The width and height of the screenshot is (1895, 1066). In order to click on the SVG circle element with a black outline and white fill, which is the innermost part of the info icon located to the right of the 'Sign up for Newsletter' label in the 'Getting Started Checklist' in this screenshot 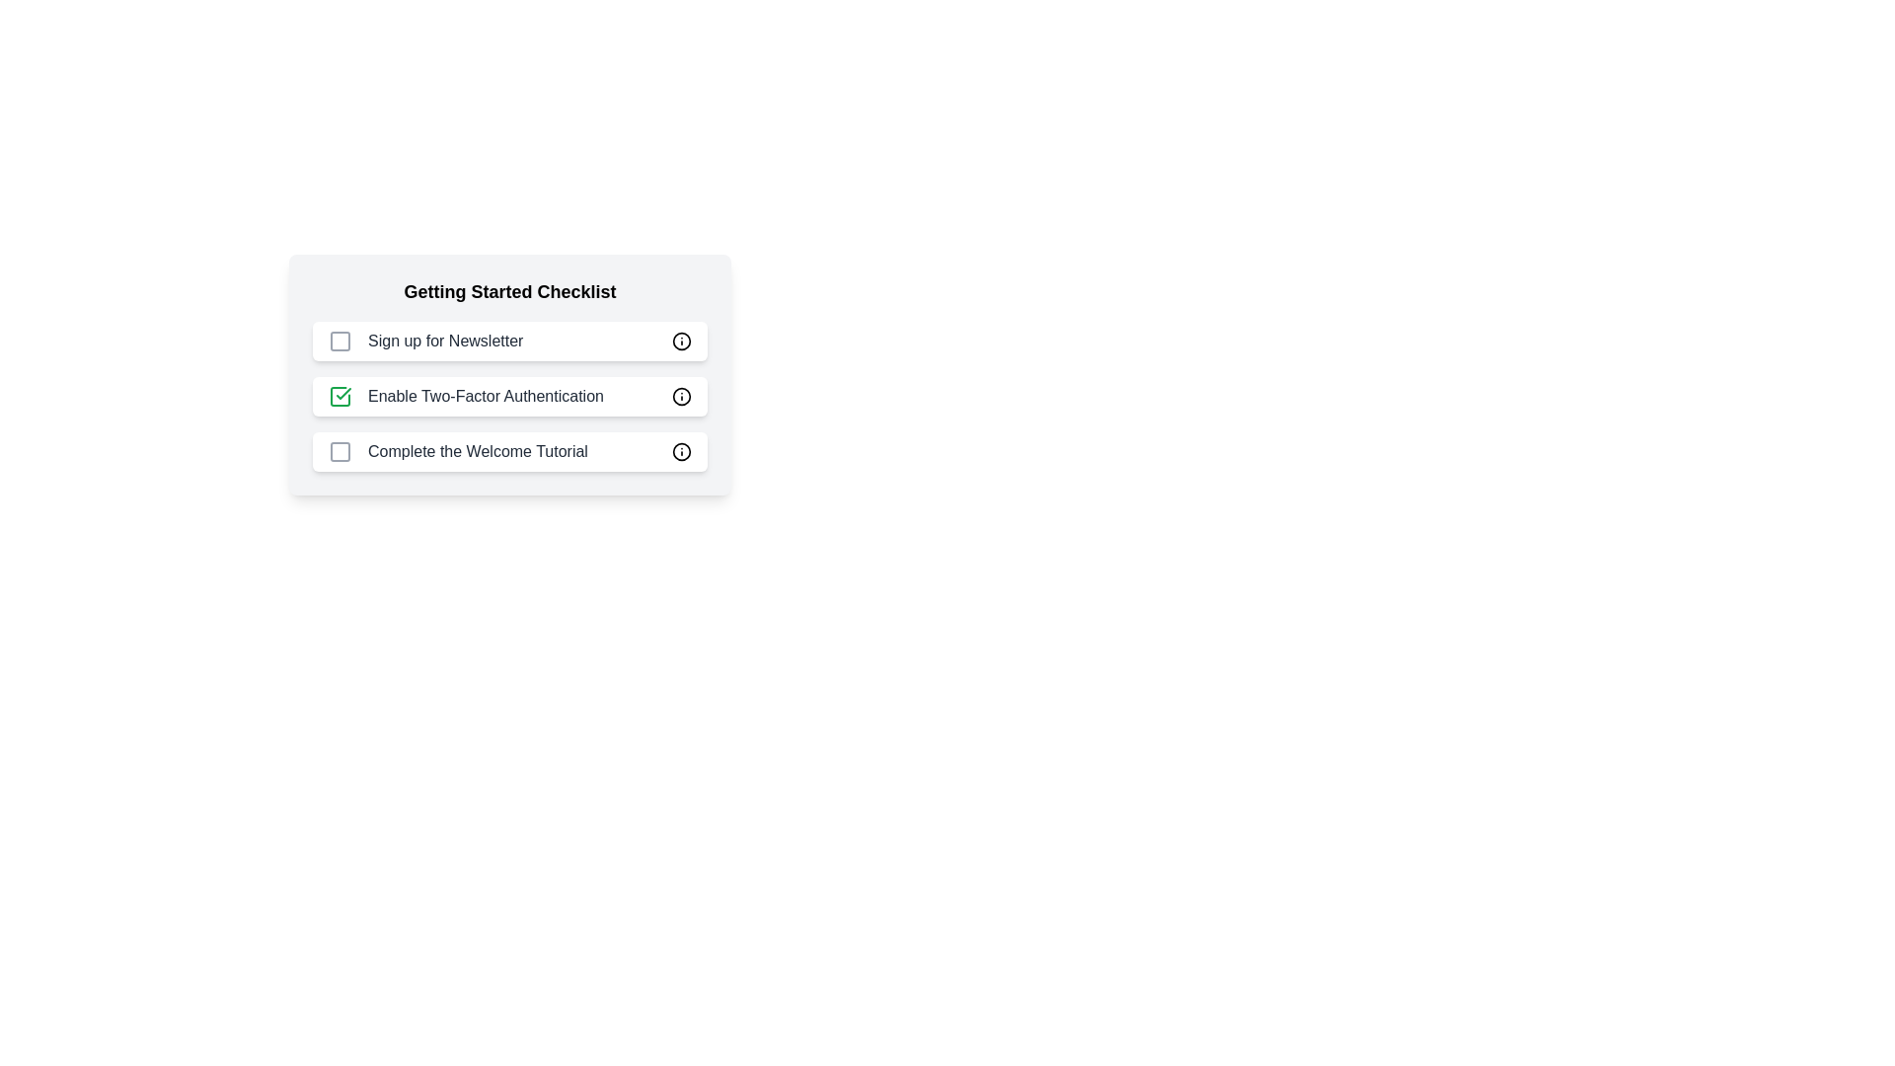, I will do `click(682, 341)`.